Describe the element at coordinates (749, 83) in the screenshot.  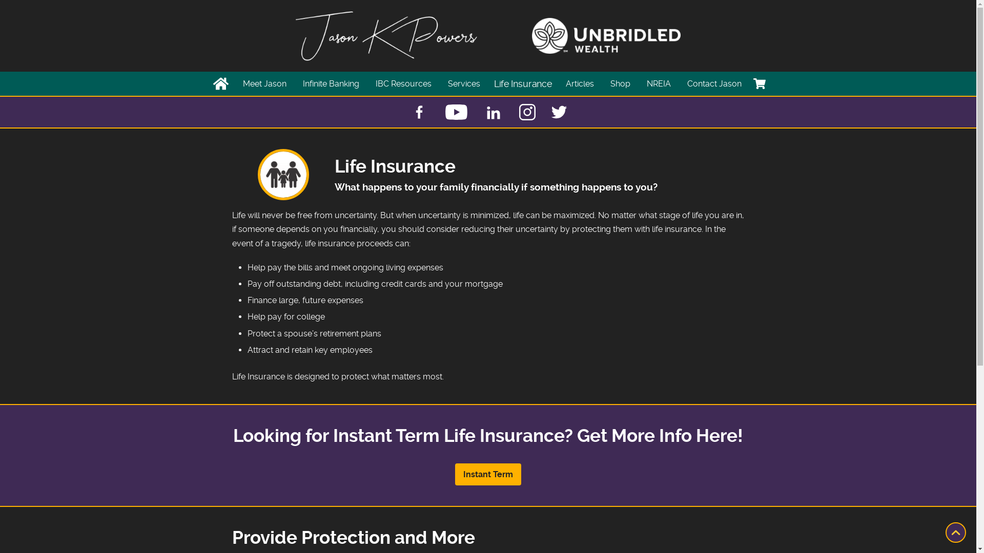
I see `'Cart'` at that location.